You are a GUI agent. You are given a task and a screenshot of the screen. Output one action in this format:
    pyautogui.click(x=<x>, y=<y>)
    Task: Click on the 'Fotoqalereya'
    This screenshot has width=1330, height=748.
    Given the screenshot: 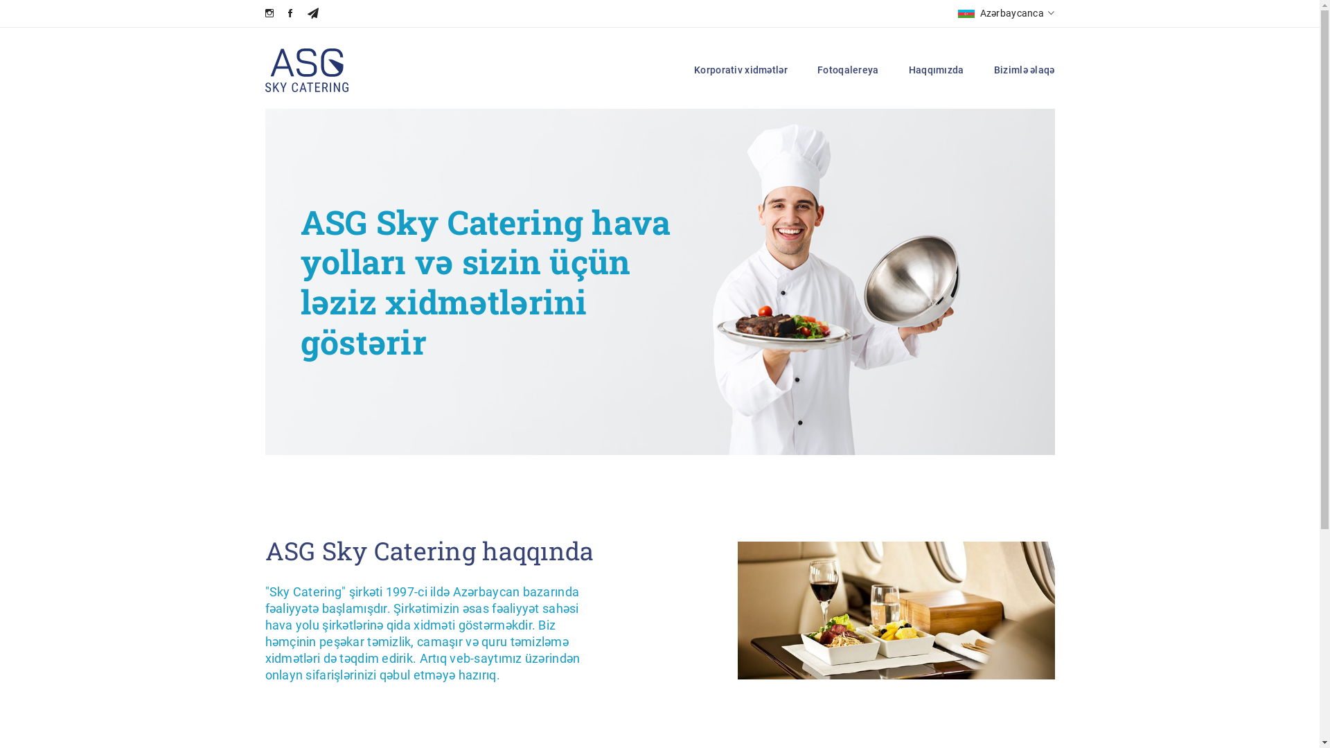 What is the action you would take?
    pyautogui.click(x=847, y=69)
    